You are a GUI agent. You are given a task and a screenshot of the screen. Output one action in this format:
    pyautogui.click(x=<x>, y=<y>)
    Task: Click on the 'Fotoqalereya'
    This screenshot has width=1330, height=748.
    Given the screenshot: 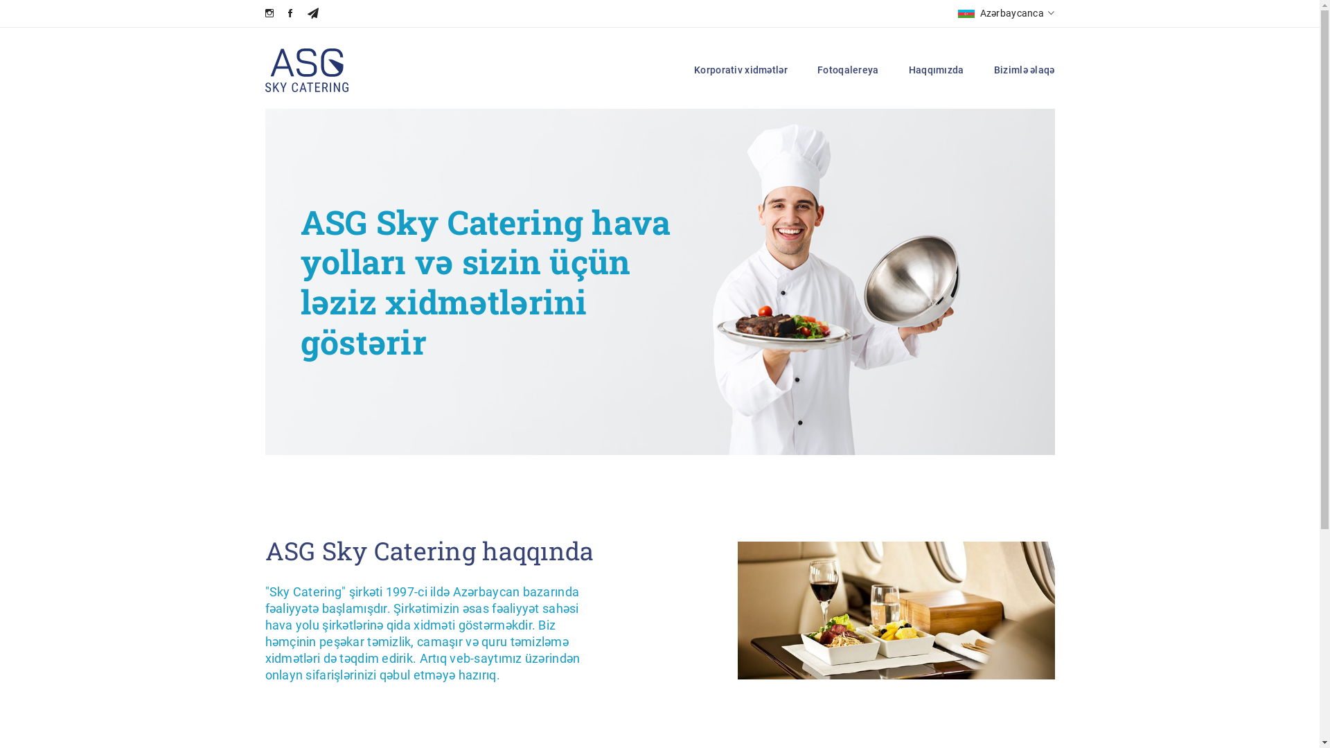 What is the action you would take?
    pyautogui.click(x=847, y=69)
    